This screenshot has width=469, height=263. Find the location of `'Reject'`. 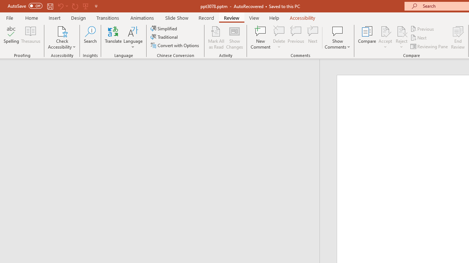

'Reject' is located at coordinates (401, 38).